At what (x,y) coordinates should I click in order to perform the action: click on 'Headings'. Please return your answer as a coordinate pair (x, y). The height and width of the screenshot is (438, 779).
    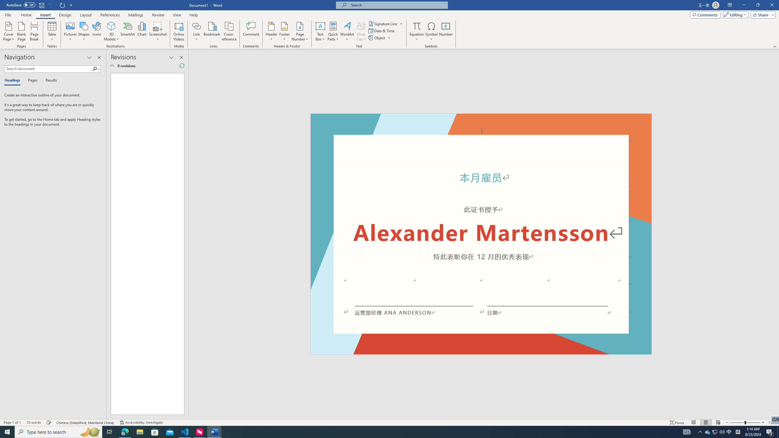
    Looking at the image, I should click on (13, 80).